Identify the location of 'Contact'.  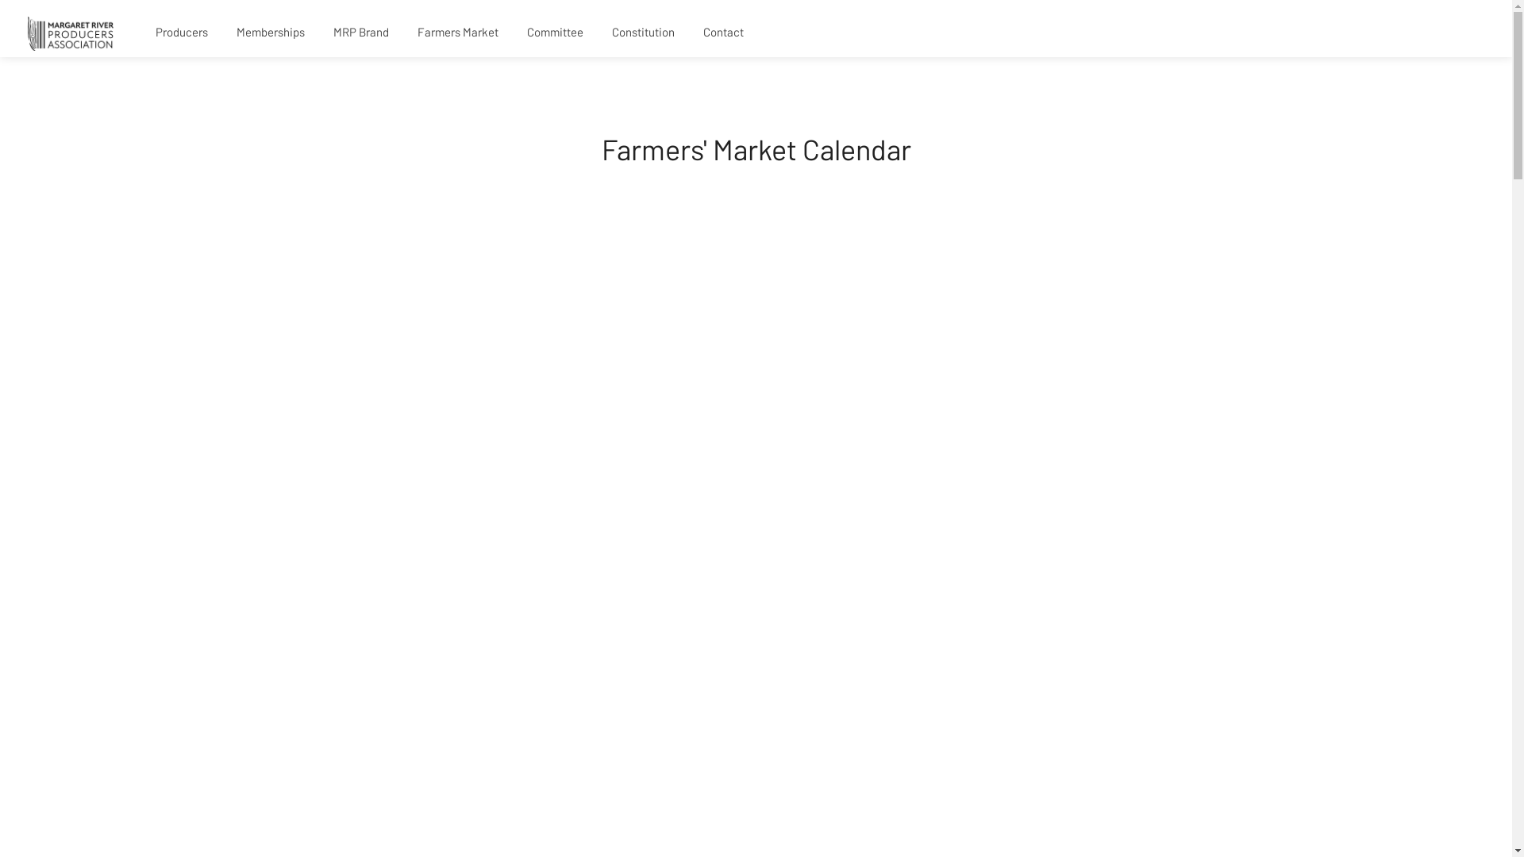
(691, 33).